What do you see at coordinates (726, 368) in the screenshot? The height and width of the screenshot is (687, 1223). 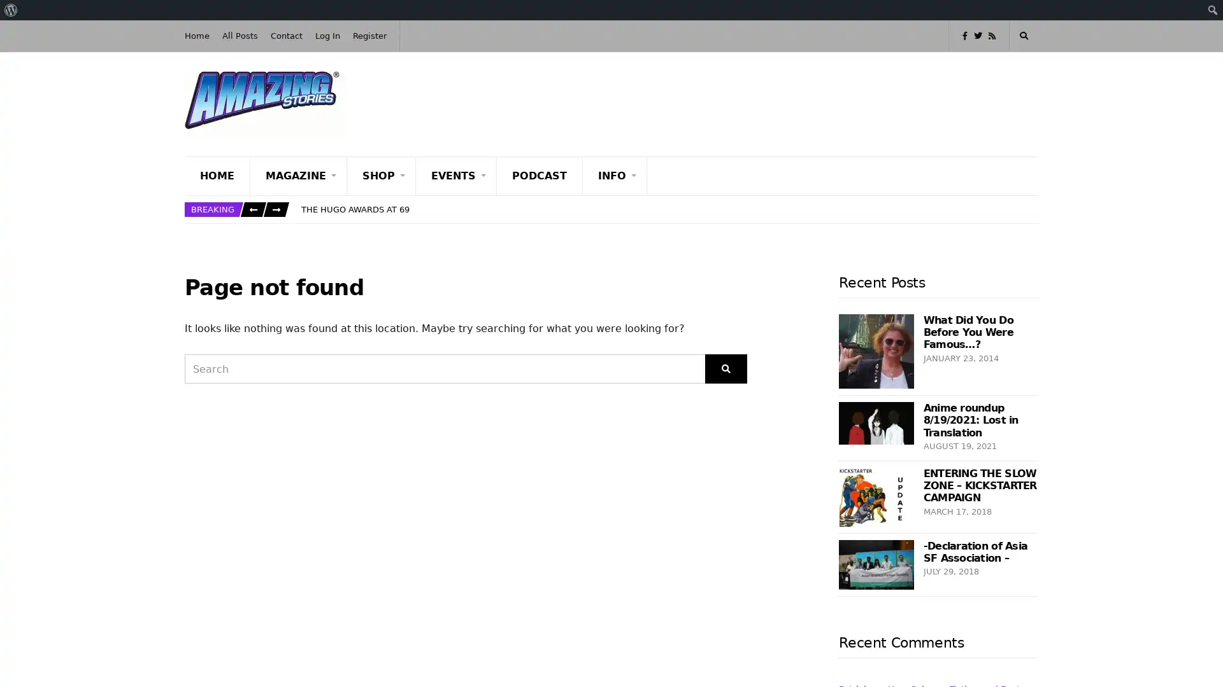 I see `Search` at bounding box center [726, 368].